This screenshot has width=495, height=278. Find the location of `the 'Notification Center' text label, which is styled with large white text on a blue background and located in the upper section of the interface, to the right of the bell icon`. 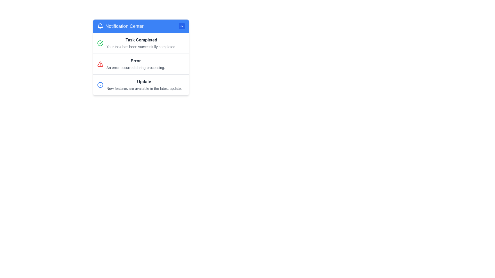

the 'Notification Center' text label, which is styled with large white text on a blue background and located in the upper section of the interface, to the right of the bell icon is located at coordinates (125, 26).